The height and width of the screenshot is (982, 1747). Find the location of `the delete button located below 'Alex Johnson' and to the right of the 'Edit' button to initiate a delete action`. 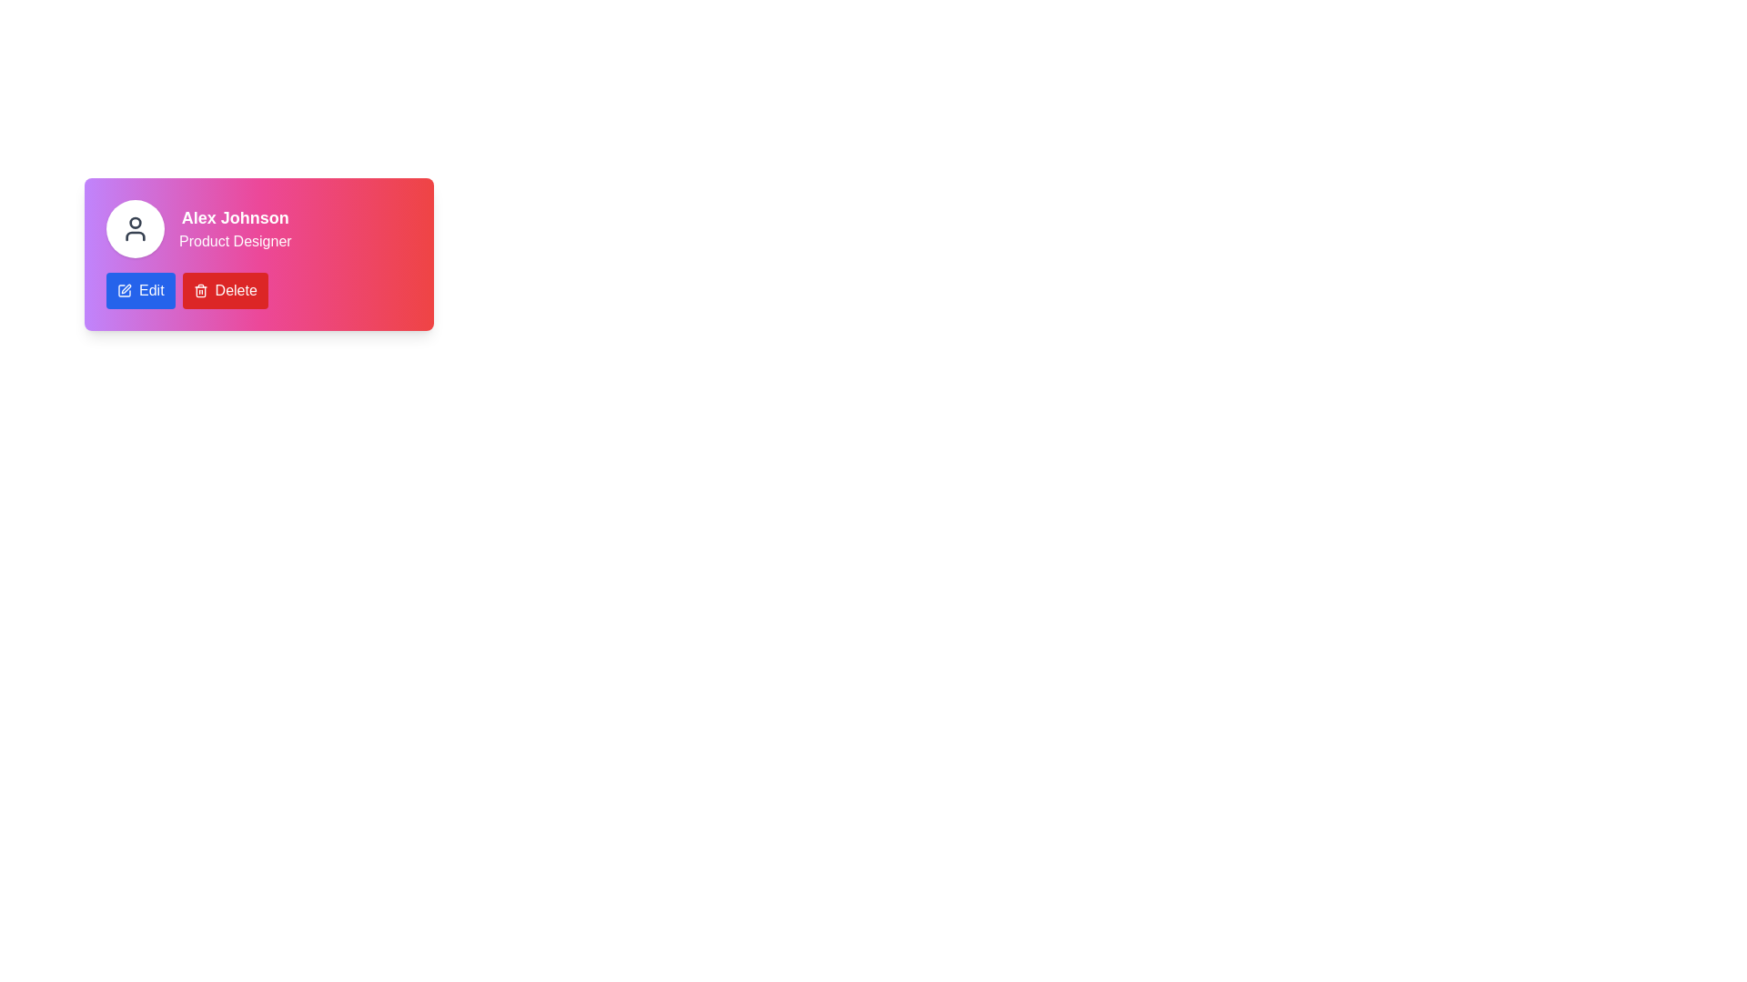

the delete button located below 'Alex Johnson' and to the right of the 'Edit' button to initiate a delete action is located at coordinates (224, 290).